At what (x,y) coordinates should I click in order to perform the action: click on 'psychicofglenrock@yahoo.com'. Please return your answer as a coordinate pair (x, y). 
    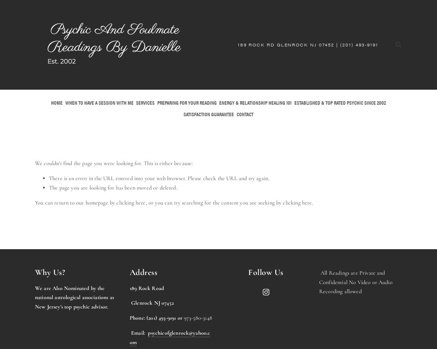
    Looking at the image, I should click on (129, 337).